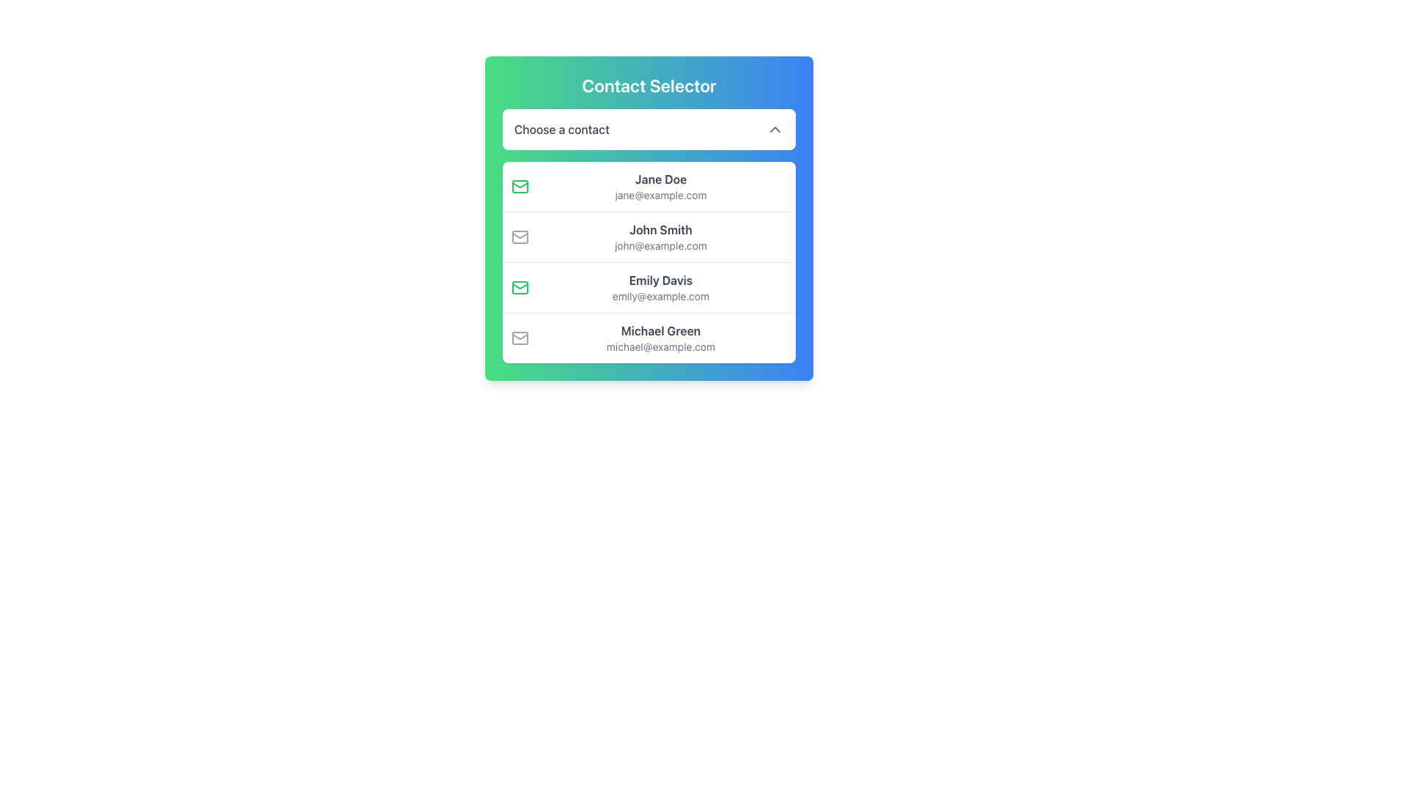 Image resolution: width=1407 pixels, height=791 pixels. I want to click on the email icon located to the left of the text 'Michael Green' and 'michael@example.com' in the last item of the contact list in the 'Contact Selector', so click(520, 338).